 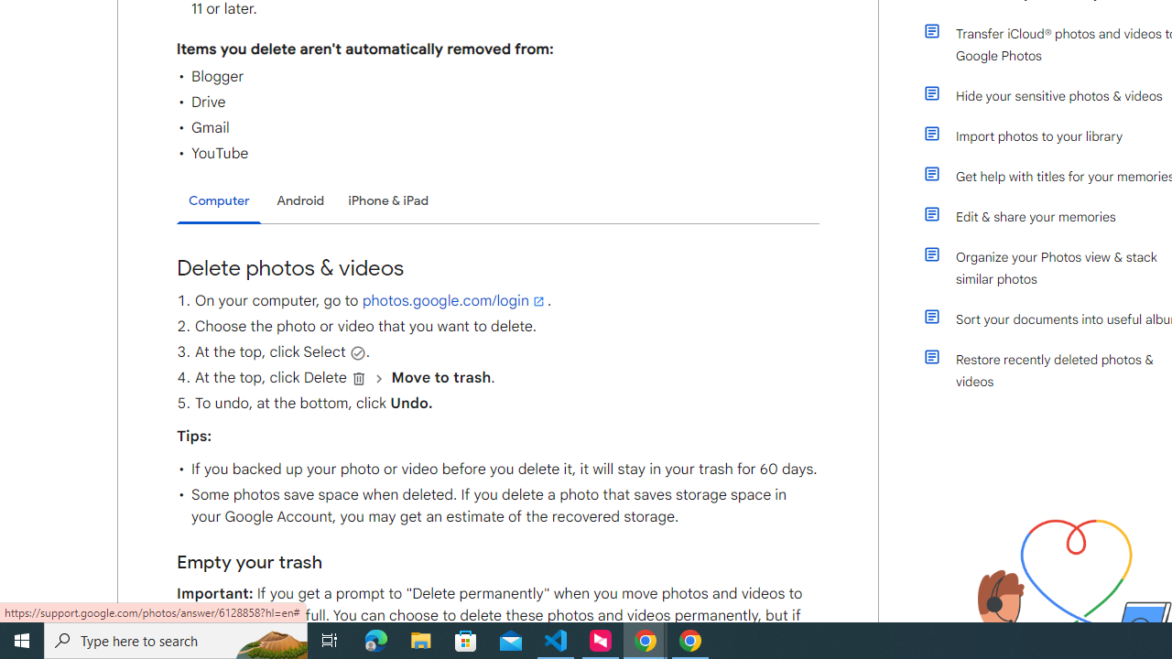 I want to click on 'Android', so click(x=300, y=200).